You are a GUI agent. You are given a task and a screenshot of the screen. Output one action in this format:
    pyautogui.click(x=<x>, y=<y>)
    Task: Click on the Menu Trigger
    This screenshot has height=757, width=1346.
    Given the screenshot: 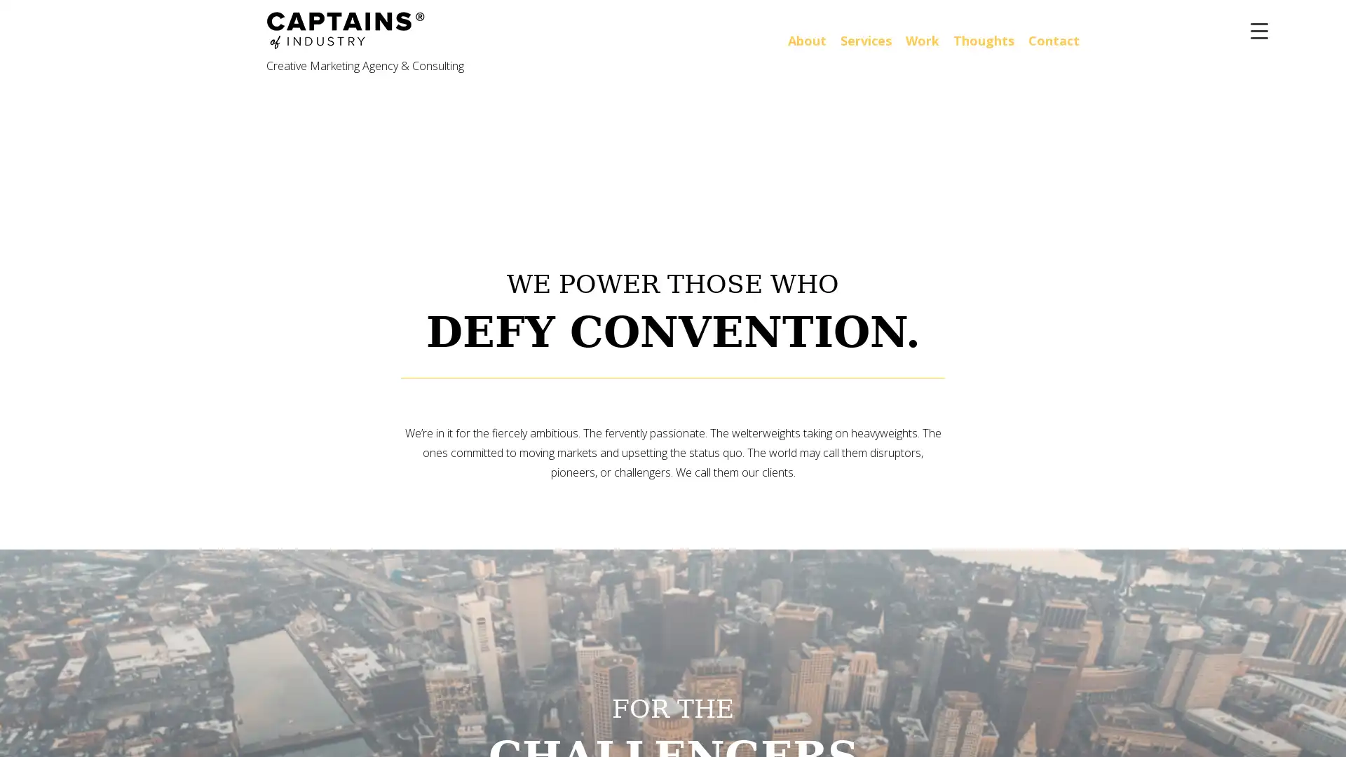 What is the action you would take?
    pyautogui.click(x=1259, y=29)
    